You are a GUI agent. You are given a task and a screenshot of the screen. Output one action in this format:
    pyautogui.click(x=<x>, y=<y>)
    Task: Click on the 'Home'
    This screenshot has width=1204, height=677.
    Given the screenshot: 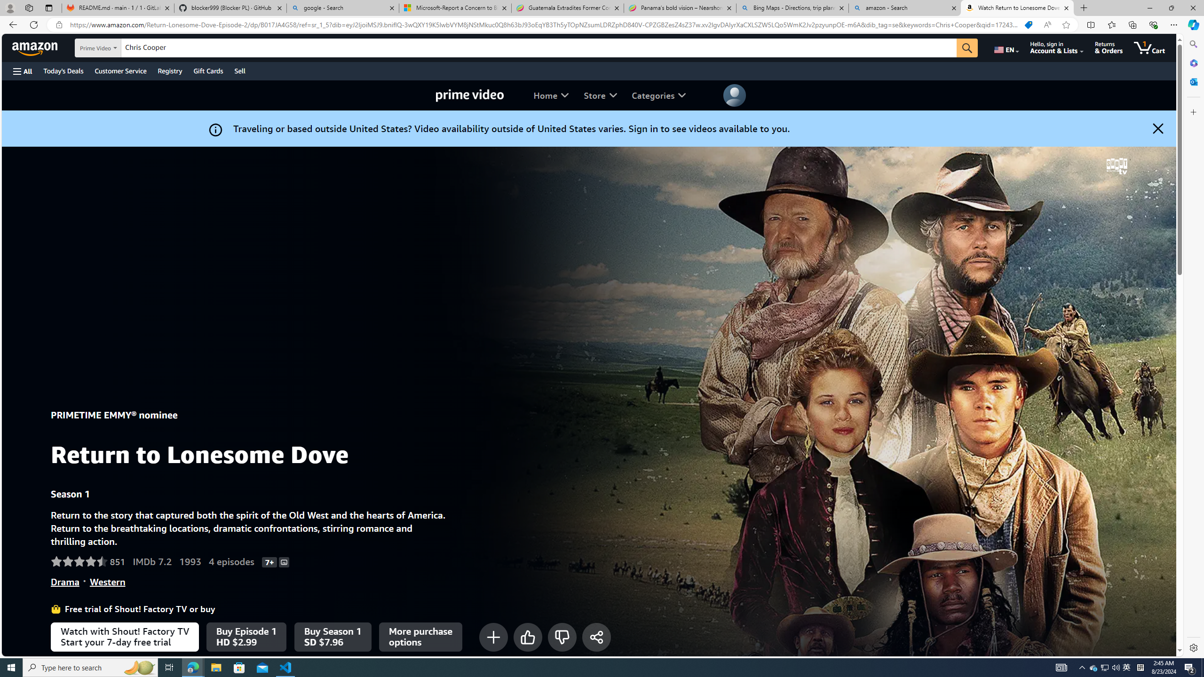 What is the action you would take?
    pyautogui.click(x=551, y=95)
    